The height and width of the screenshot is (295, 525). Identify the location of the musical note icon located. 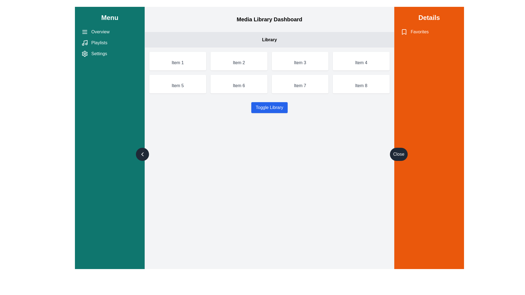
(84, 43).